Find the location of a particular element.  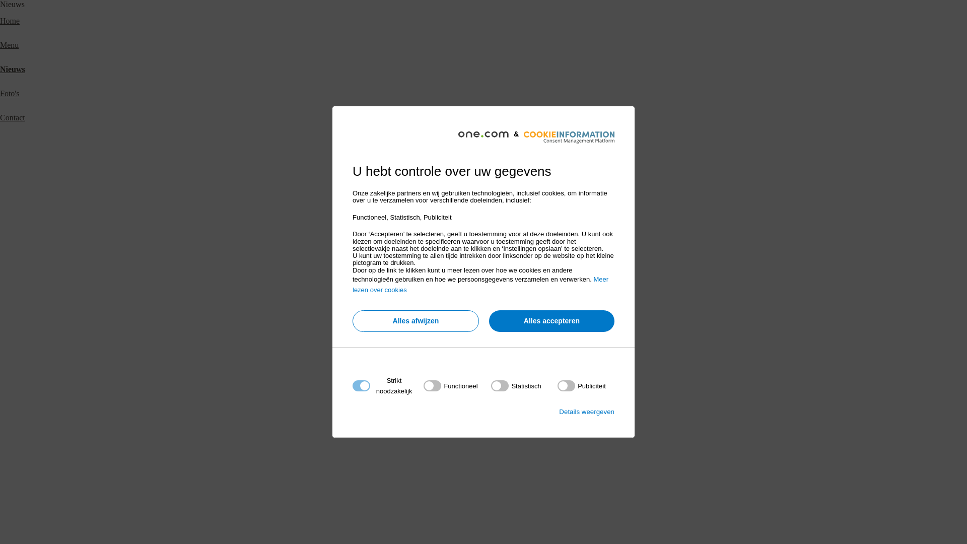

'Details weergeven' is located at coordinates (587, 412).